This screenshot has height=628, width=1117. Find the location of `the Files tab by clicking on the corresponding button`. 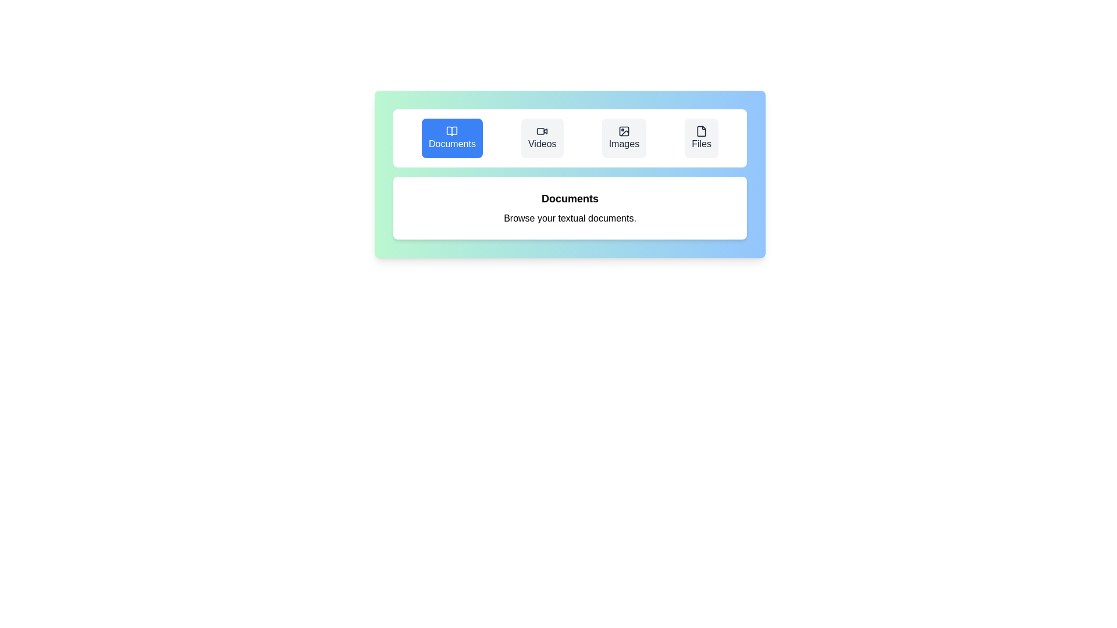

the Files tab by clicking on the corresponding button is located at coordinates (701, 138).